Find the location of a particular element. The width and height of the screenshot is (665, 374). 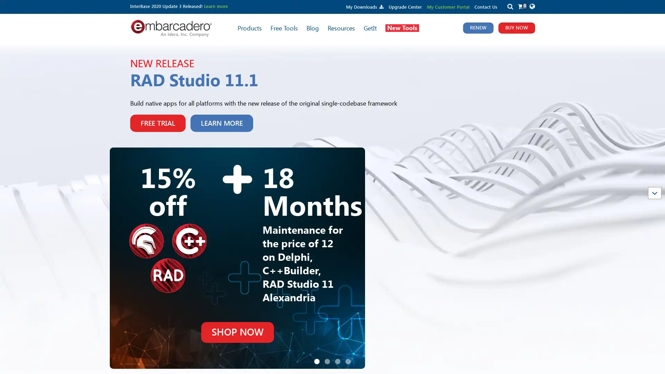

3 is located at coordinates (337, 294).